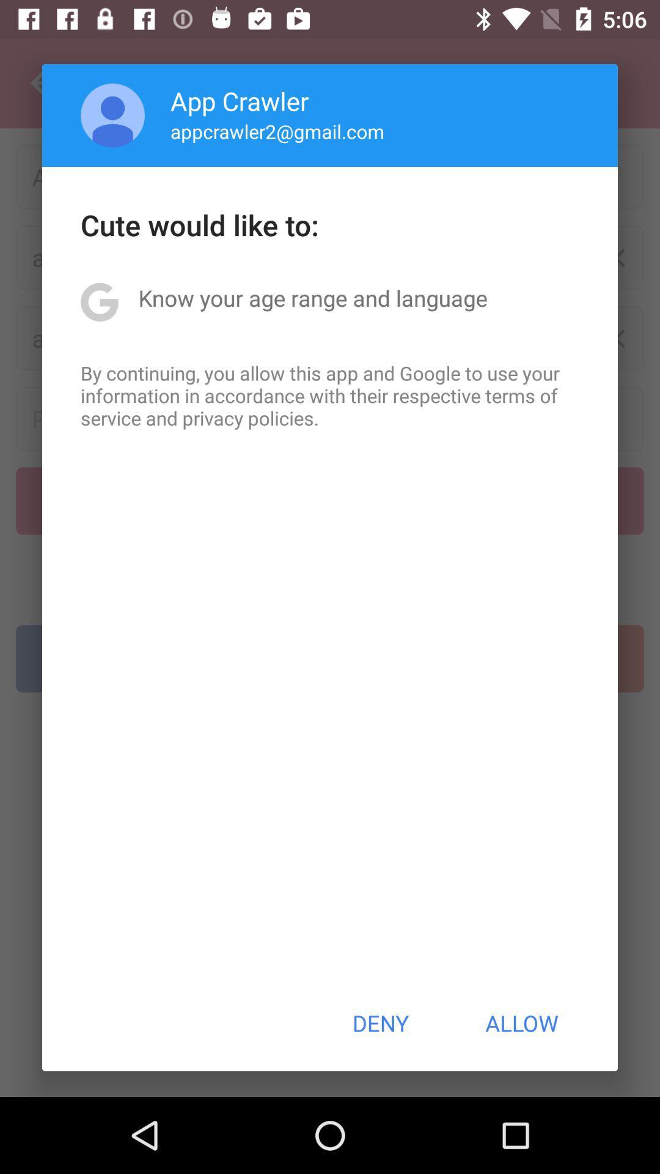 The image size is (660, 1174). I want to click on item above cute would like item, so click(112, 115).